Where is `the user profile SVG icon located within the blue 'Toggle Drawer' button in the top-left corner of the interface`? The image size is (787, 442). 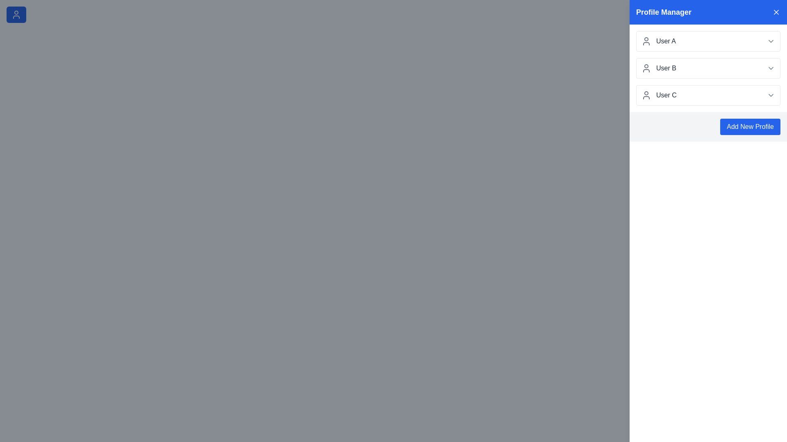 the user profile SVG icon located within the blue 'Toggle Drawer' button in the top-left corner of the interface is located at coordinates (16, 14).